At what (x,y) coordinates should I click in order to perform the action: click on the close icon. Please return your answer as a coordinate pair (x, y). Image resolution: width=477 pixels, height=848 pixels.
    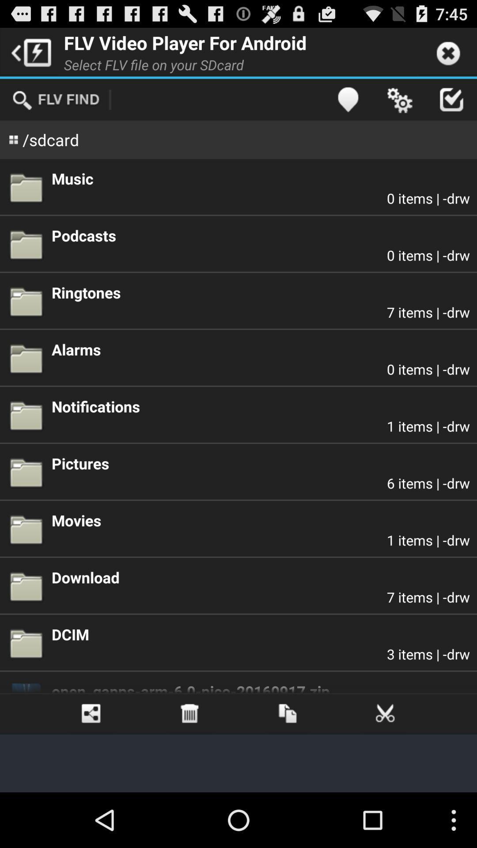
    Looking at the image, I should click on (448, 55).